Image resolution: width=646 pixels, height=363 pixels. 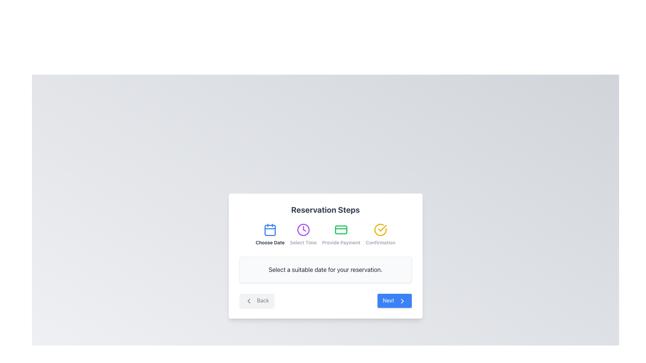 I want to click on the static confirmation icon located to the far-right above the text 'Confirmation', which indicates the successful completion of the process step, so click(x=381, y=230).